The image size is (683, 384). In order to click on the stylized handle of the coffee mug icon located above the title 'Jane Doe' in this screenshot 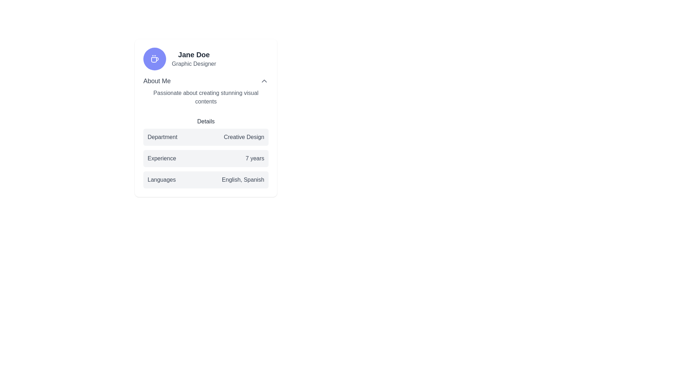, I will do `click(154, 59)`.